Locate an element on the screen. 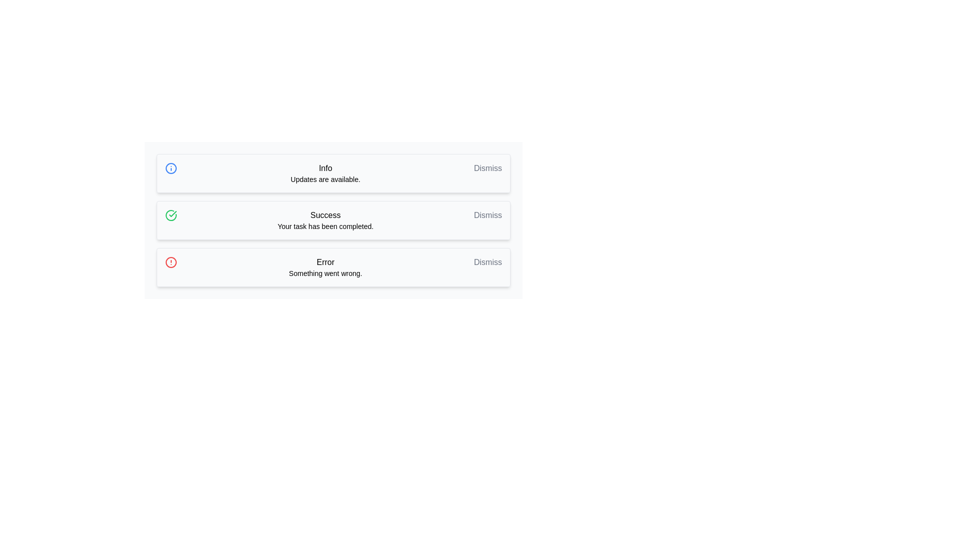 The image size is (961, 540). the text block displaying 'Error' with the notification 'Something went wrong.' in the third notification card is located at coordinates (325, 267).